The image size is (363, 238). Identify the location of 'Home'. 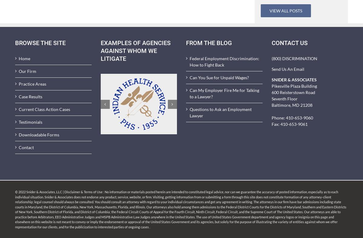
(25, 58).